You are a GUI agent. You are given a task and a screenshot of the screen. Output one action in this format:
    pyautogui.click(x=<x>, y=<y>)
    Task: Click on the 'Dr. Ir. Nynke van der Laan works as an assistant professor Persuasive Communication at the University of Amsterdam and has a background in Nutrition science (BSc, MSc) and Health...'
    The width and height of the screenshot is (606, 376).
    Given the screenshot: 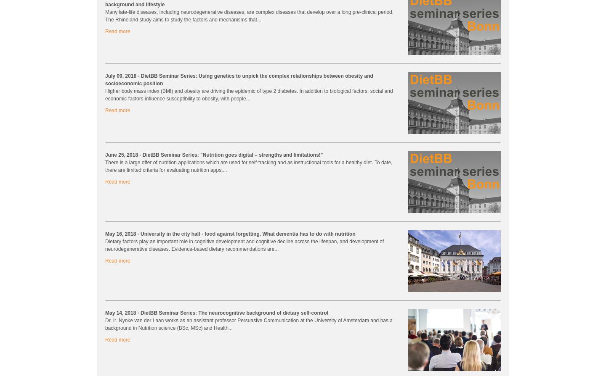 What is the action you would take?
    pyautogui.click(x=248, y=323)
    